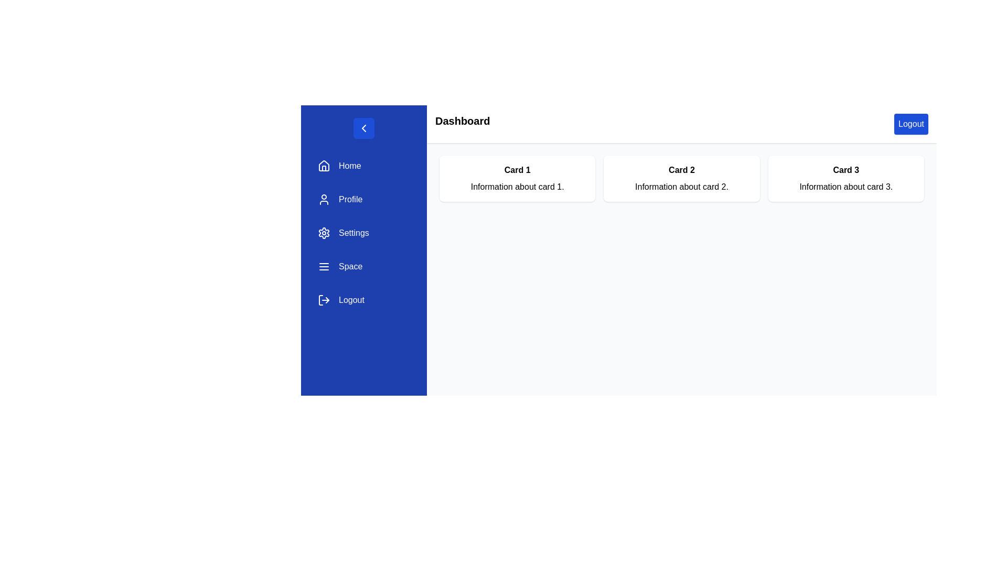 Image resolution: width=1007 pixels, height=566 pixels. What do you see at coordinates (517, 178) in the screenshot?
I see `any potentially interactive elements within the first informational card, which has a white background and contains the text 'Card 1'` at bounding box center [517, 178].